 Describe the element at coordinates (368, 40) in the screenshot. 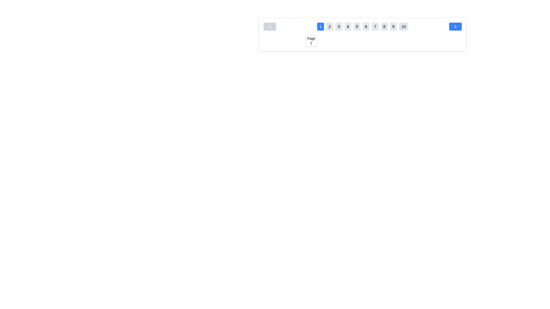

I see `the 'Page 6' button in the pagination bar` at that location.